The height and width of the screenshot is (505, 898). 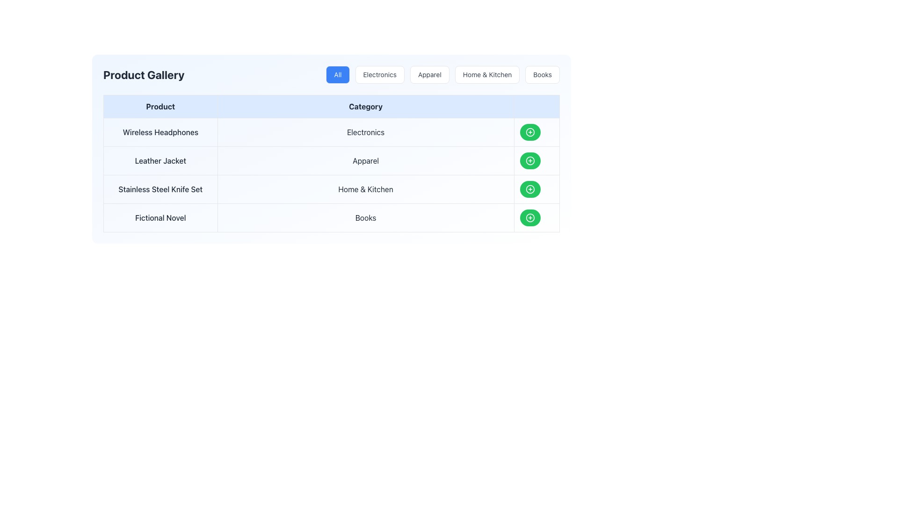 I want to click on the row entry representing the 'Leather Jacket' product in the categorized table layout to access potential actions linked to this row, so click(x=332, y=160).